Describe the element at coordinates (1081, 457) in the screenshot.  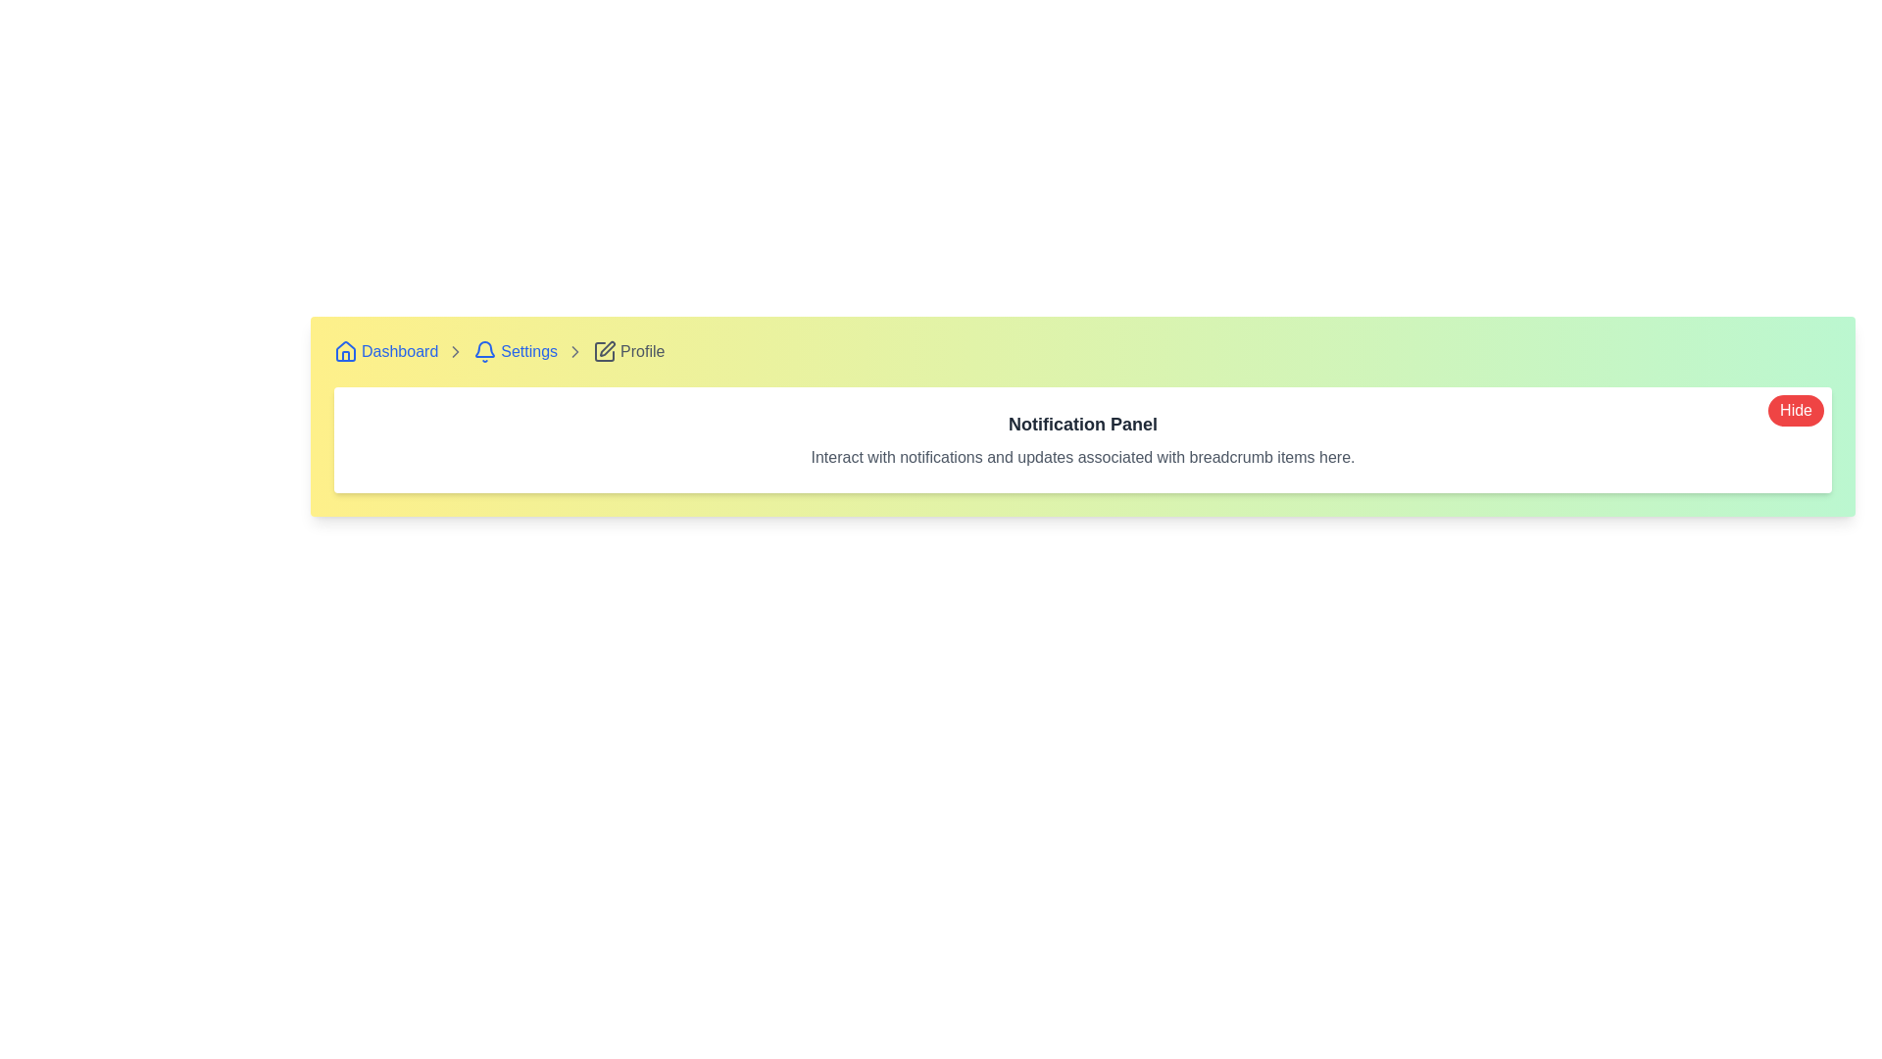
I see `the instructional text element located below the 'Notification Panel' title in the notification panel, which is styled in gray color` at that location.